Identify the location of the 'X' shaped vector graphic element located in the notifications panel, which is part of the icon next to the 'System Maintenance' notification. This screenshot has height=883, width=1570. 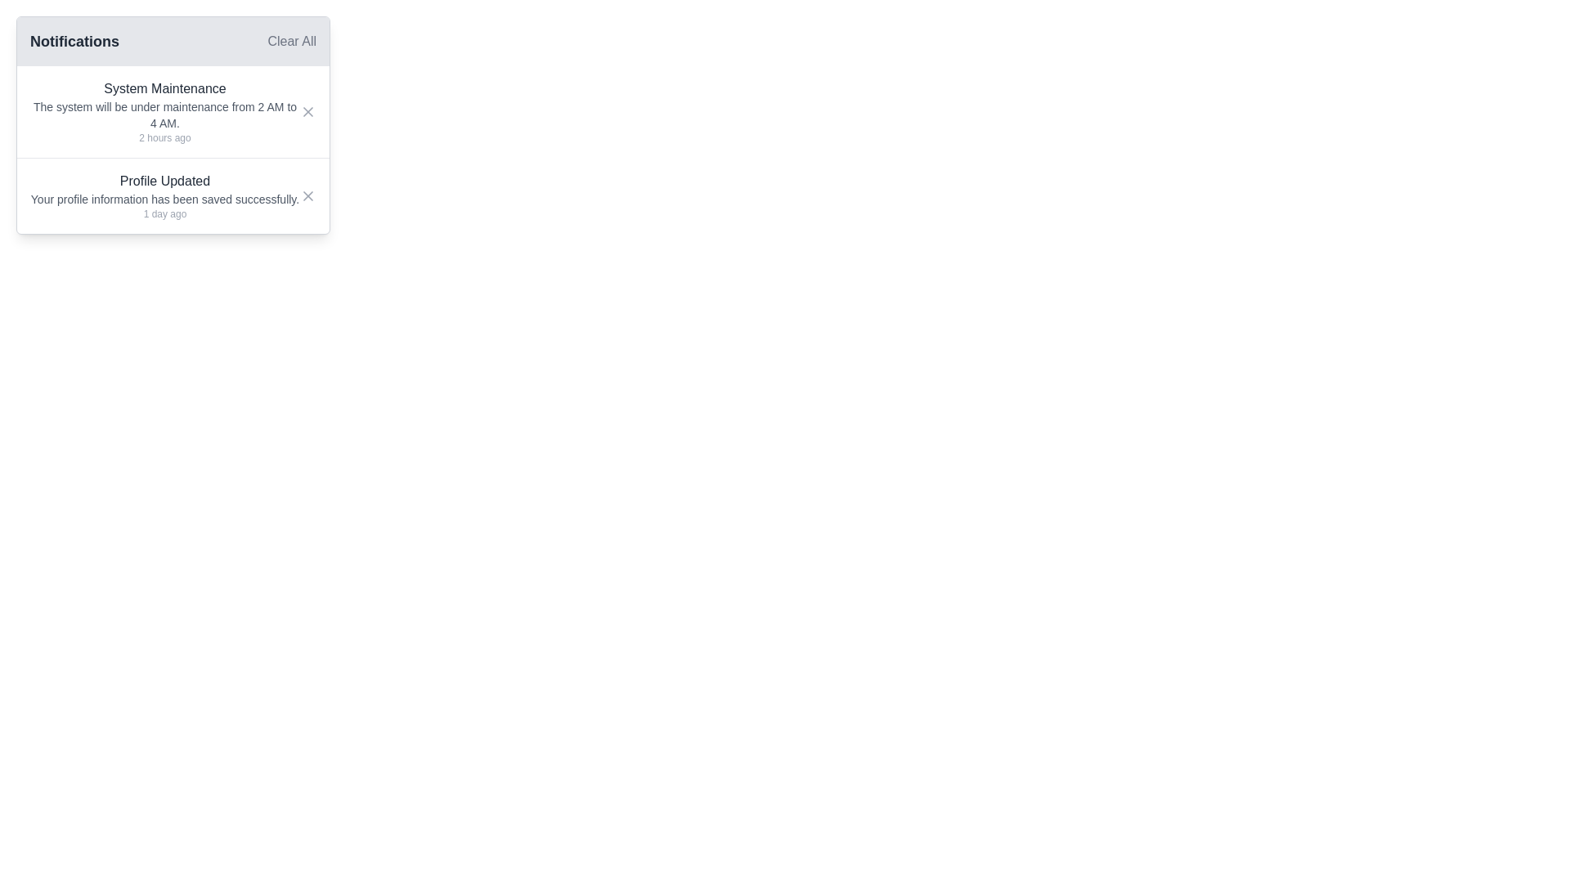
(308, 111).